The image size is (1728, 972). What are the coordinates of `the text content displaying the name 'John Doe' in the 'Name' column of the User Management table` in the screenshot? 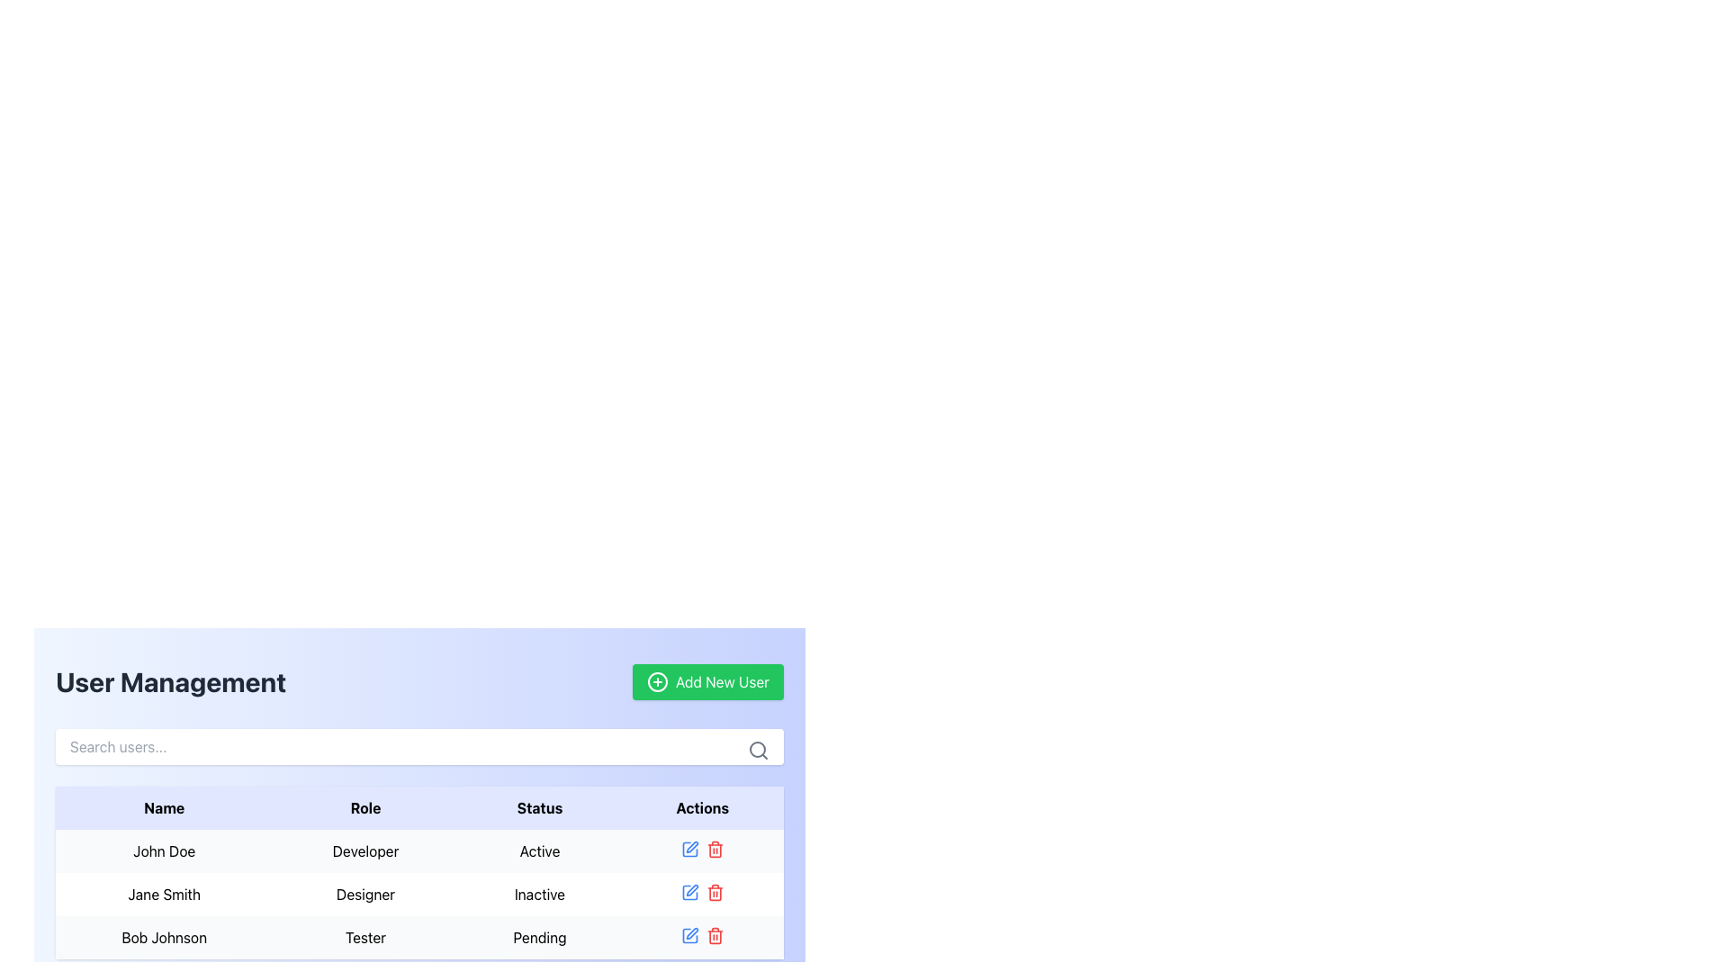 It's located at (164, 850).